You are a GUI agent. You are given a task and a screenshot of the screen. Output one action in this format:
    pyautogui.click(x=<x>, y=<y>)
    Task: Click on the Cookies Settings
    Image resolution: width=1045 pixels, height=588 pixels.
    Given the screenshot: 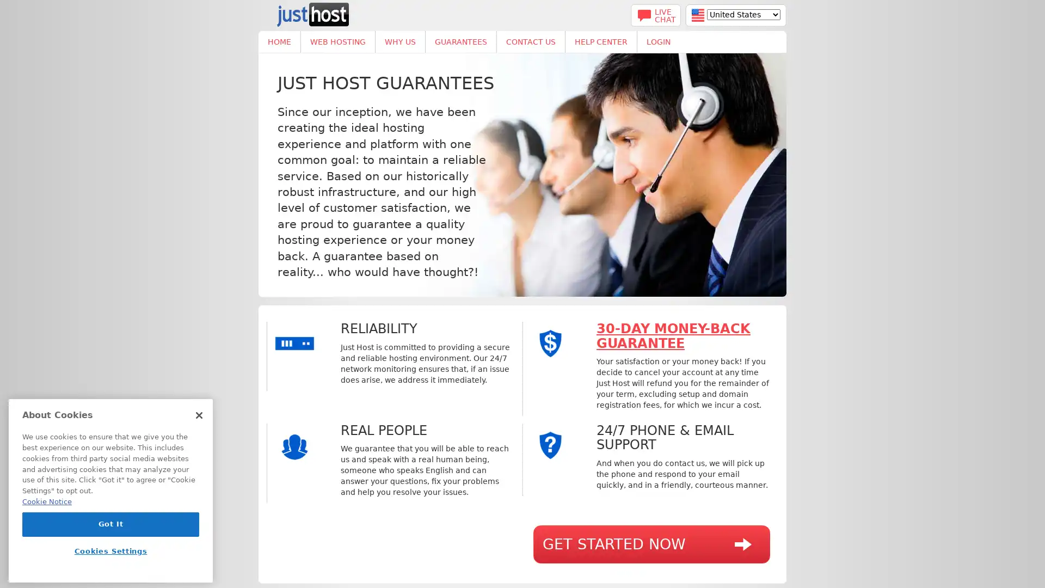 What is the action you would take?
    pyautogui.click(x=110, y=551)
    